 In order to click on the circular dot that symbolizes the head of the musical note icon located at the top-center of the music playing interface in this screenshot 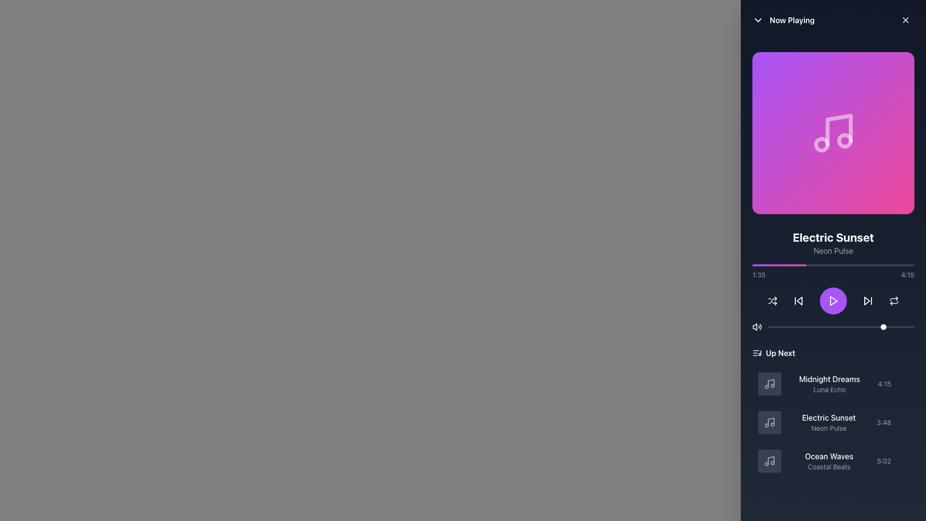, I will do `click(844, 141)`.